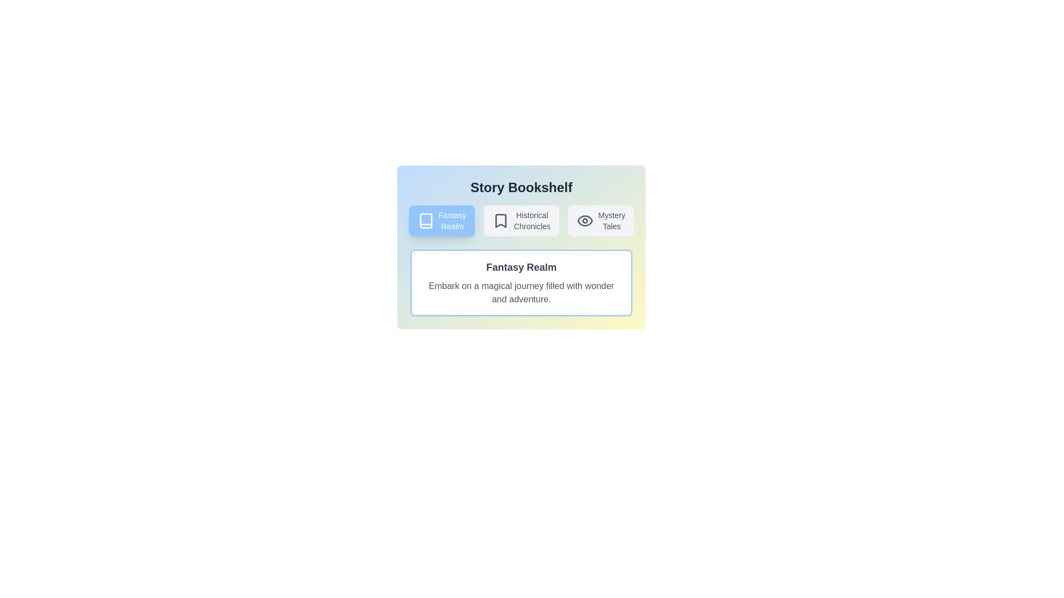  What do you see at coordinates (441, 220) in the screenshot?
I see `the story tab labeled Fantasy Realm to view its details` at bounding box center [441, 220].